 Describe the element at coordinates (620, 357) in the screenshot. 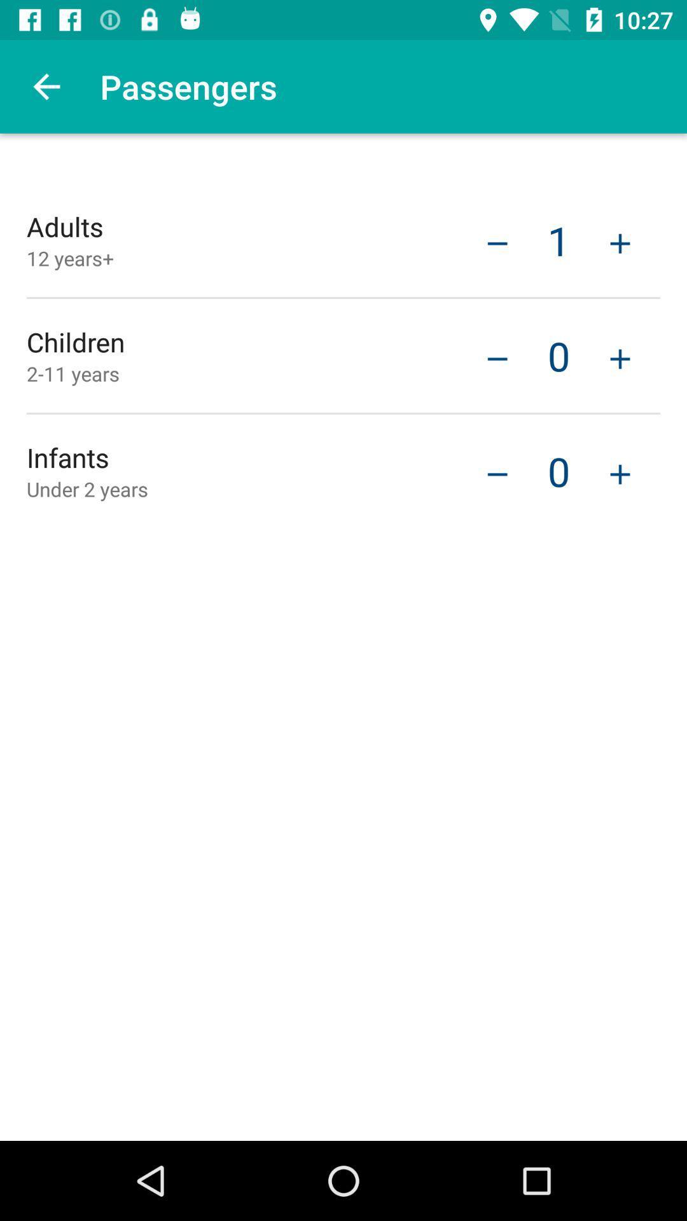

I see `child passenger` at that location.